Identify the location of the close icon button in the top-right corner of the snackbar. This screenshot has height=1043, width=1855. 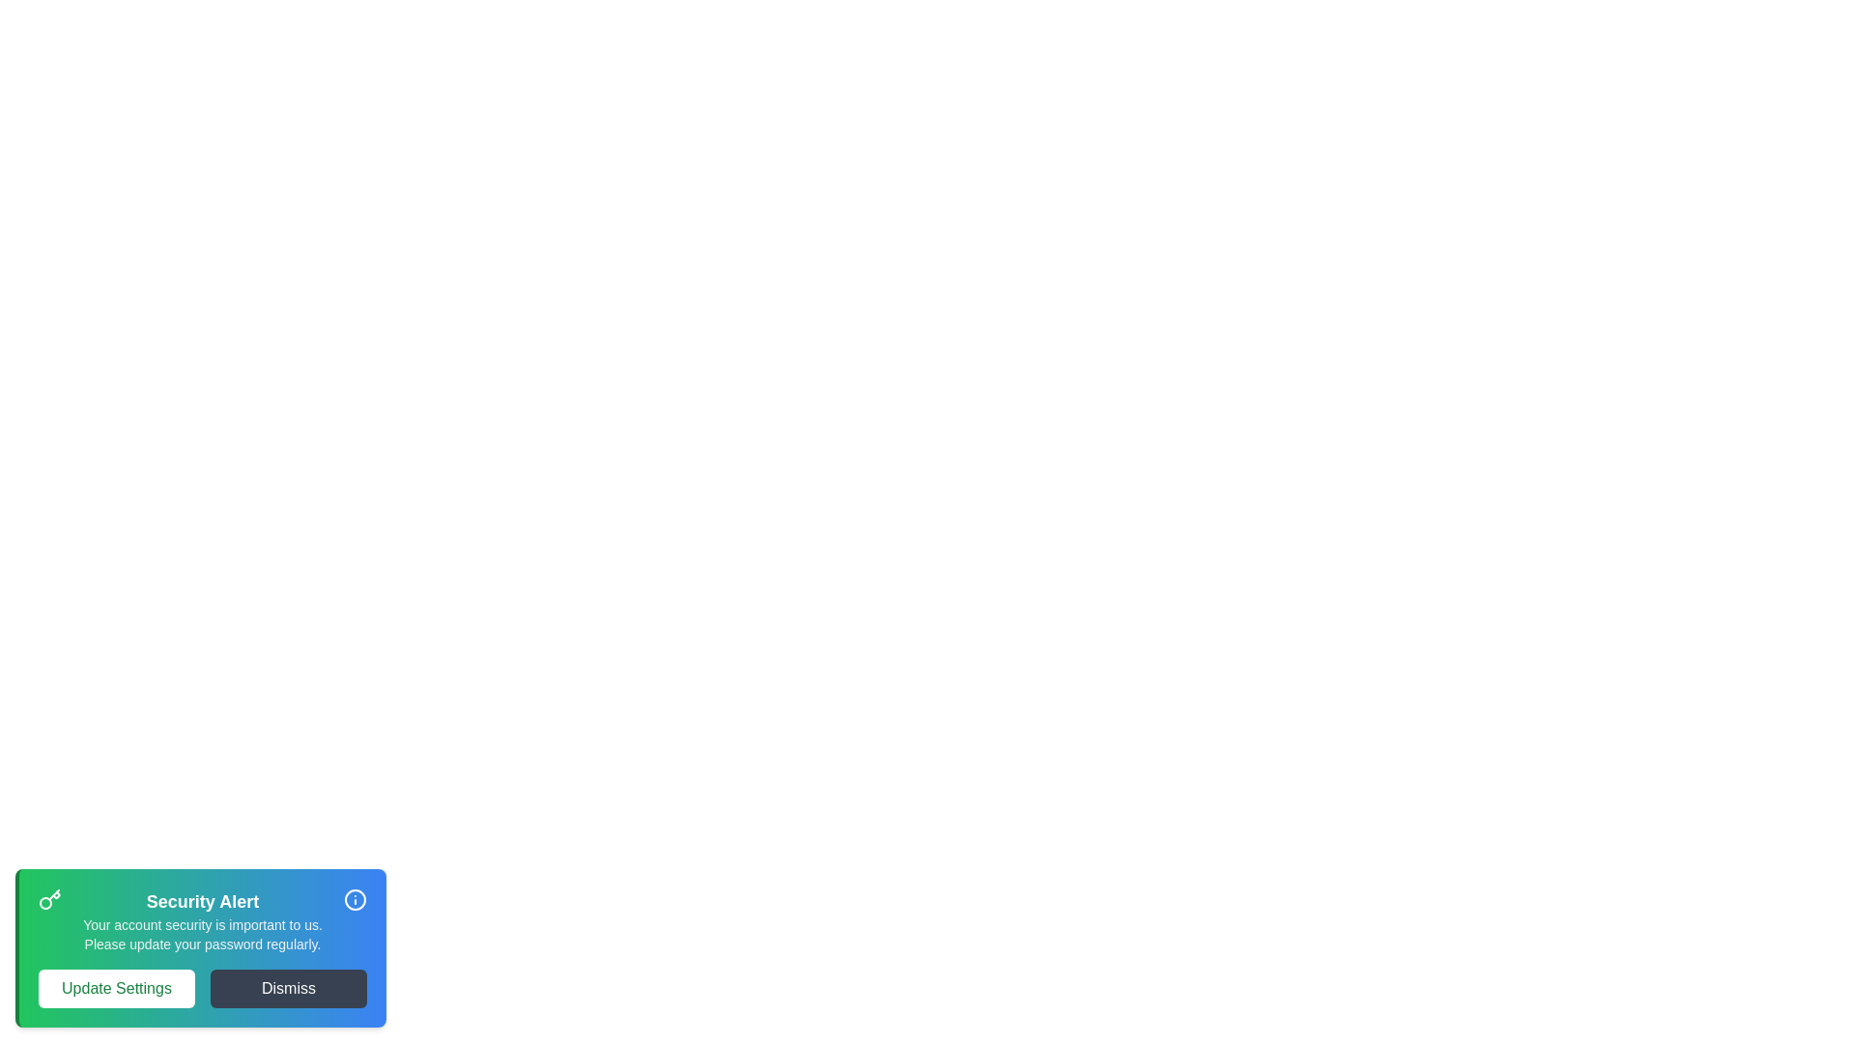
(356, 900).